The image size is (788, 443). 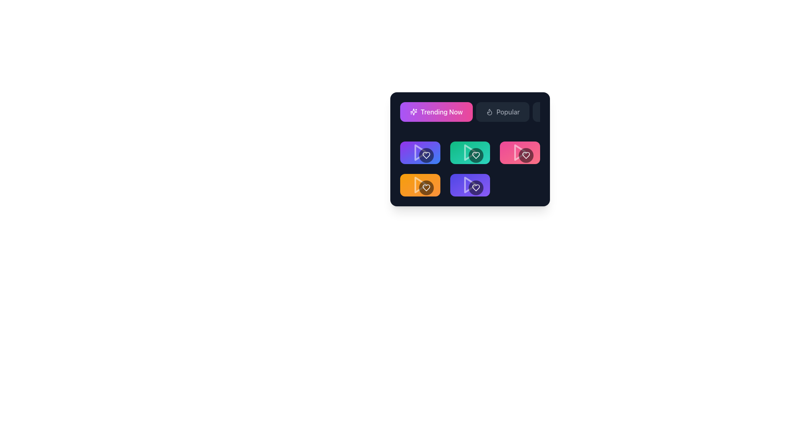 What do you see at coordinates (426, 187) in the screenshot?
I see `the heart-shaped SVG icon located within the circular button in the lower-left segment of the grid` at bounding box center [426, 187].